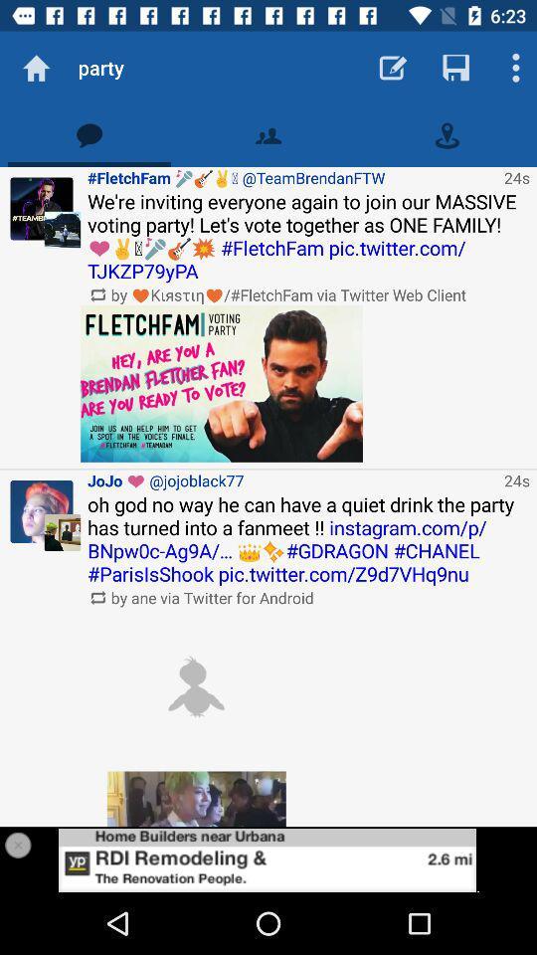 The height and width of the screenshot is (955, 537). Describe the element at coordinates (89, 134) in the screenshot. I see `tweet feed tab` at that location.